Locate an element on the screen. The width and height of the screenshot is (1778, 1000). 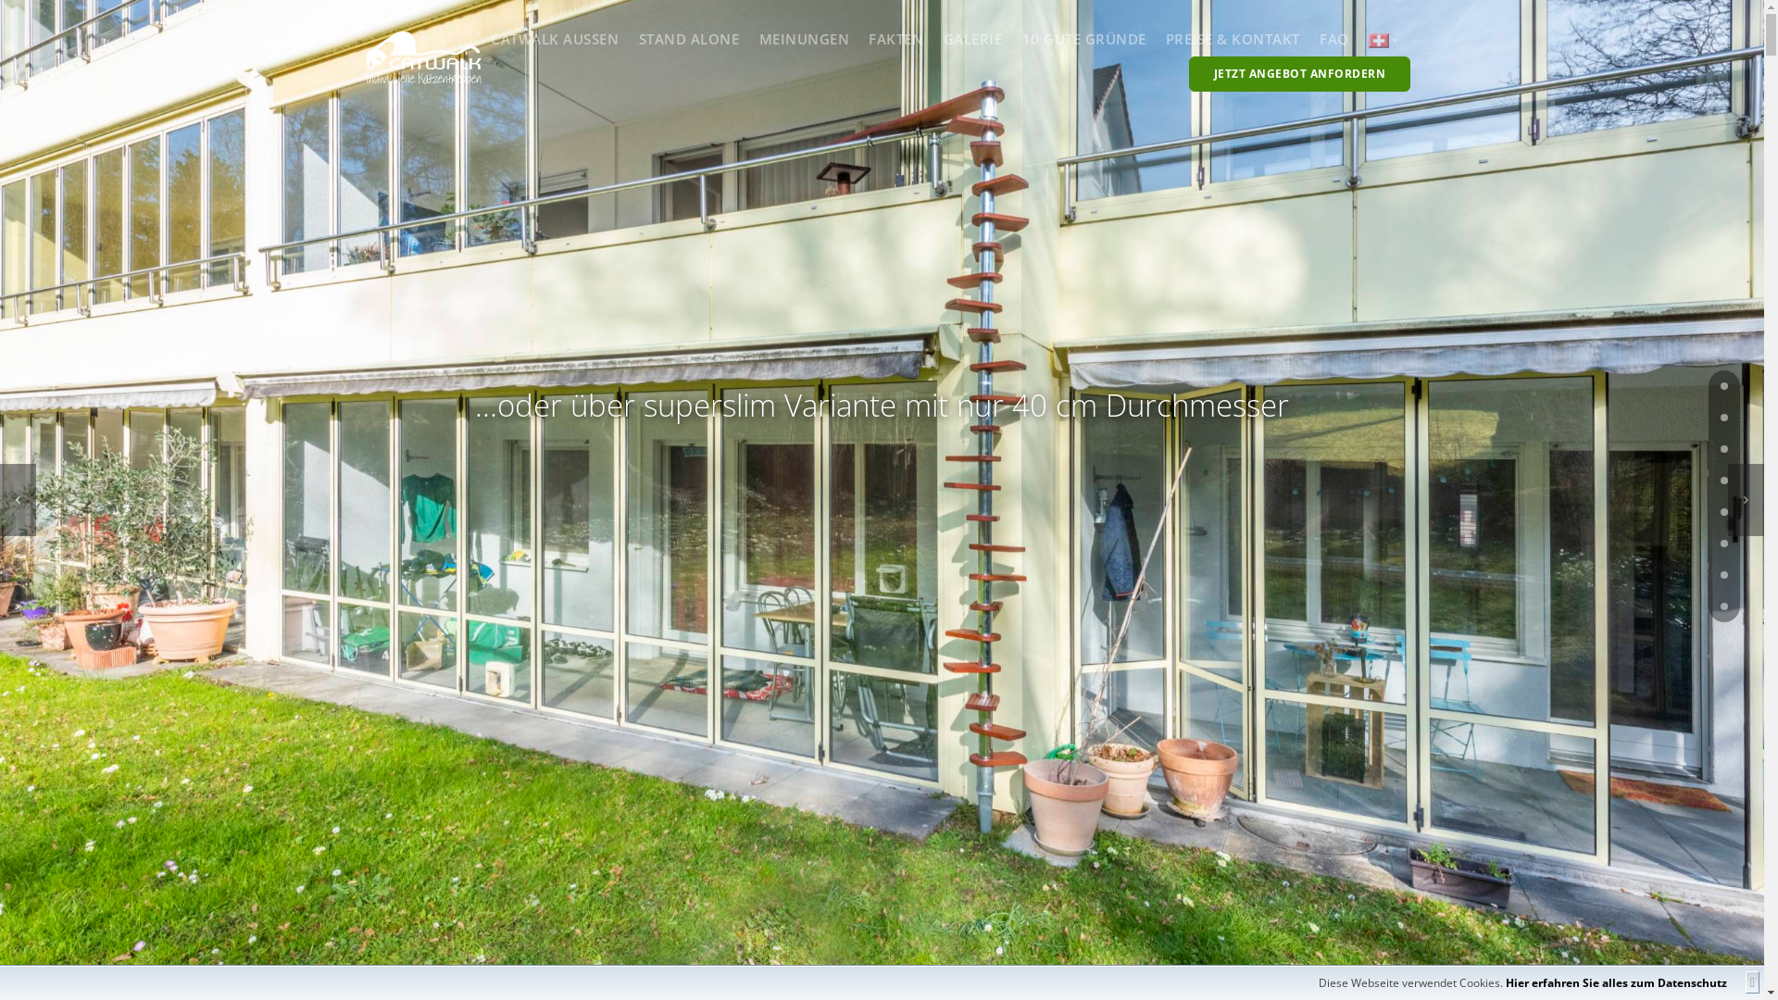
'MEINUNGEN' is located at coordinates (804, 39).